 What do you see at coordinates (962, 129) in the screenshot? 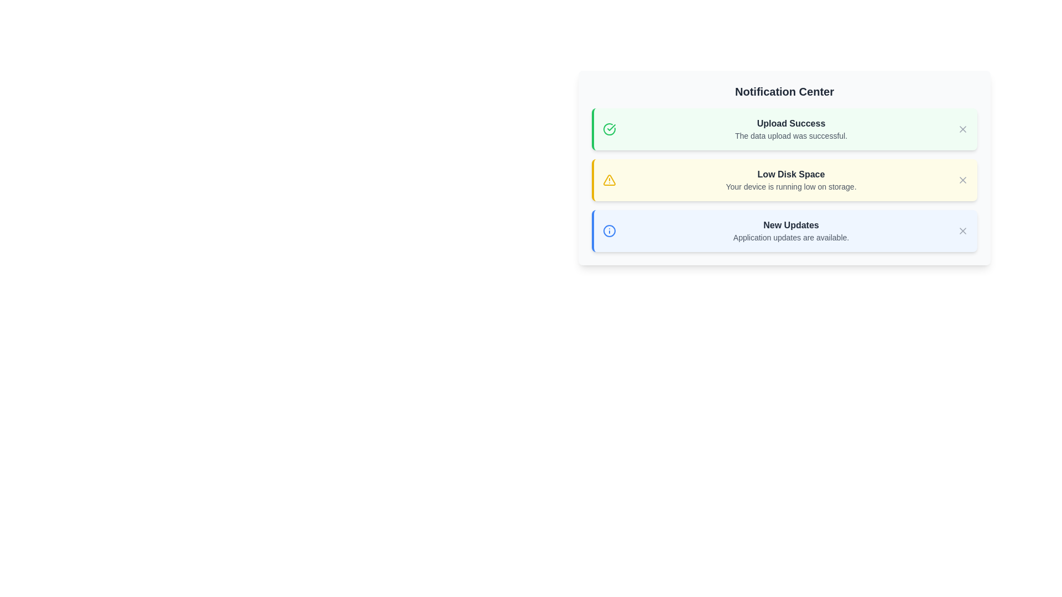
I see `the close icon on the right-hand side of the 'Upload Success' notification` at bounding box center [962, 129].